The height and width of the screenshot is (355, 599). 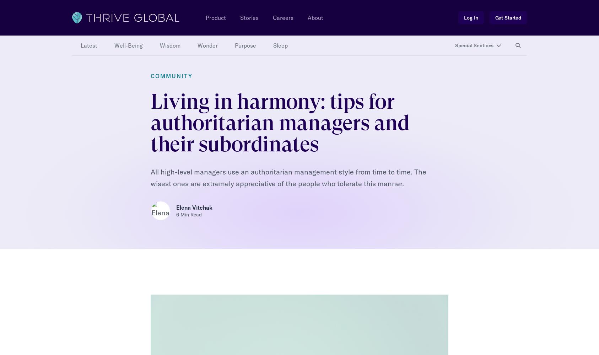 What do you see at coordinates (227, 140) in the screenshot?
I see `'— Strengthen your working and interpersonal relationships;'` at bounding box center [227, 140].